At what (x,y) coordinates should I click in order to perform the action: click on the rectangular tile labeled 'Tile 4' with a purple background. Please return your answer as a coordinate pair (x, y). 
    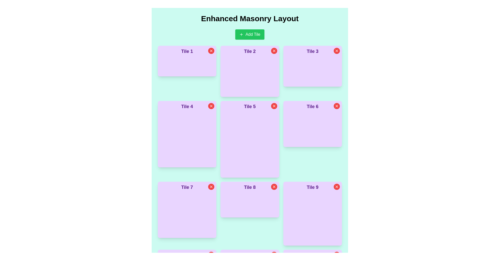
    Looking at the image, I should click on (187, 134).